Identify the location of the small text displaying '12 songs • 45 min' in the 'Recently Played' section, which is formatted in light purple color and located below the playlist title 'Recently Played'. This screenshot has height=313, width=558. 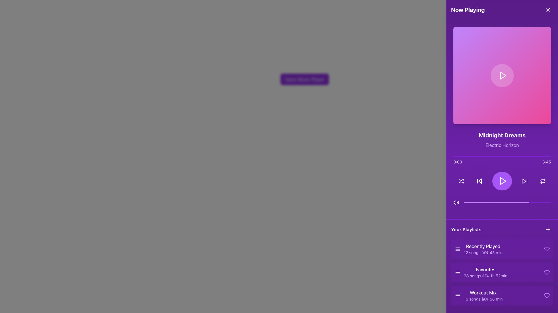
(483, 252).